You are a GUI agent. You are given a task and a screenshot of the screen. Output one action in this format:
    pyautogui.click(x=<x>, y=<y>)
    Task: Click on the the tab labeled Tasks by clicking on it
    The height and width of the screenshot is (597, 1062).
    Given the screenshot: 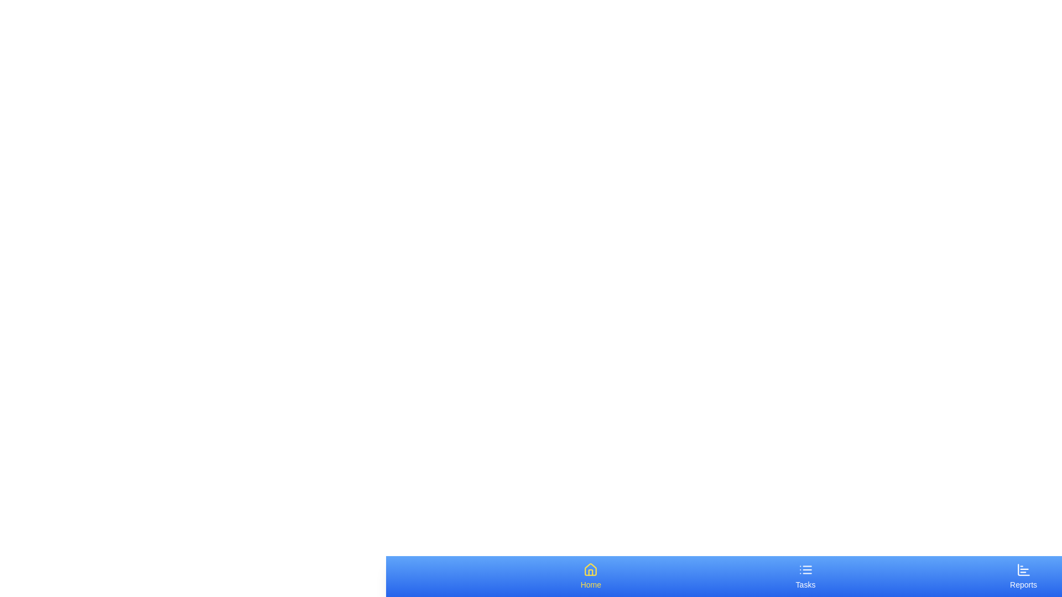 What is the action you would take?
    pyautogui.click(x=805, y=575)
    